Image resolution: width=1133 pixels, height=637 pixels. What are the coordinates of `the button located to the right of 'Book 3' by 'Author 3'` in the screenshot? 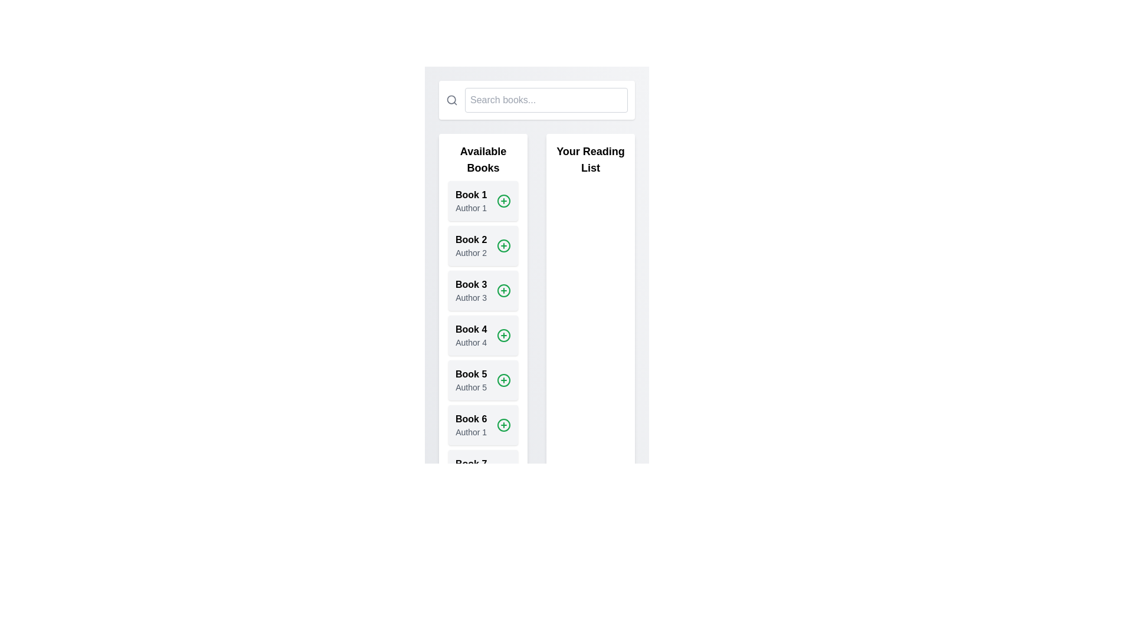 It's located at (504, 291).